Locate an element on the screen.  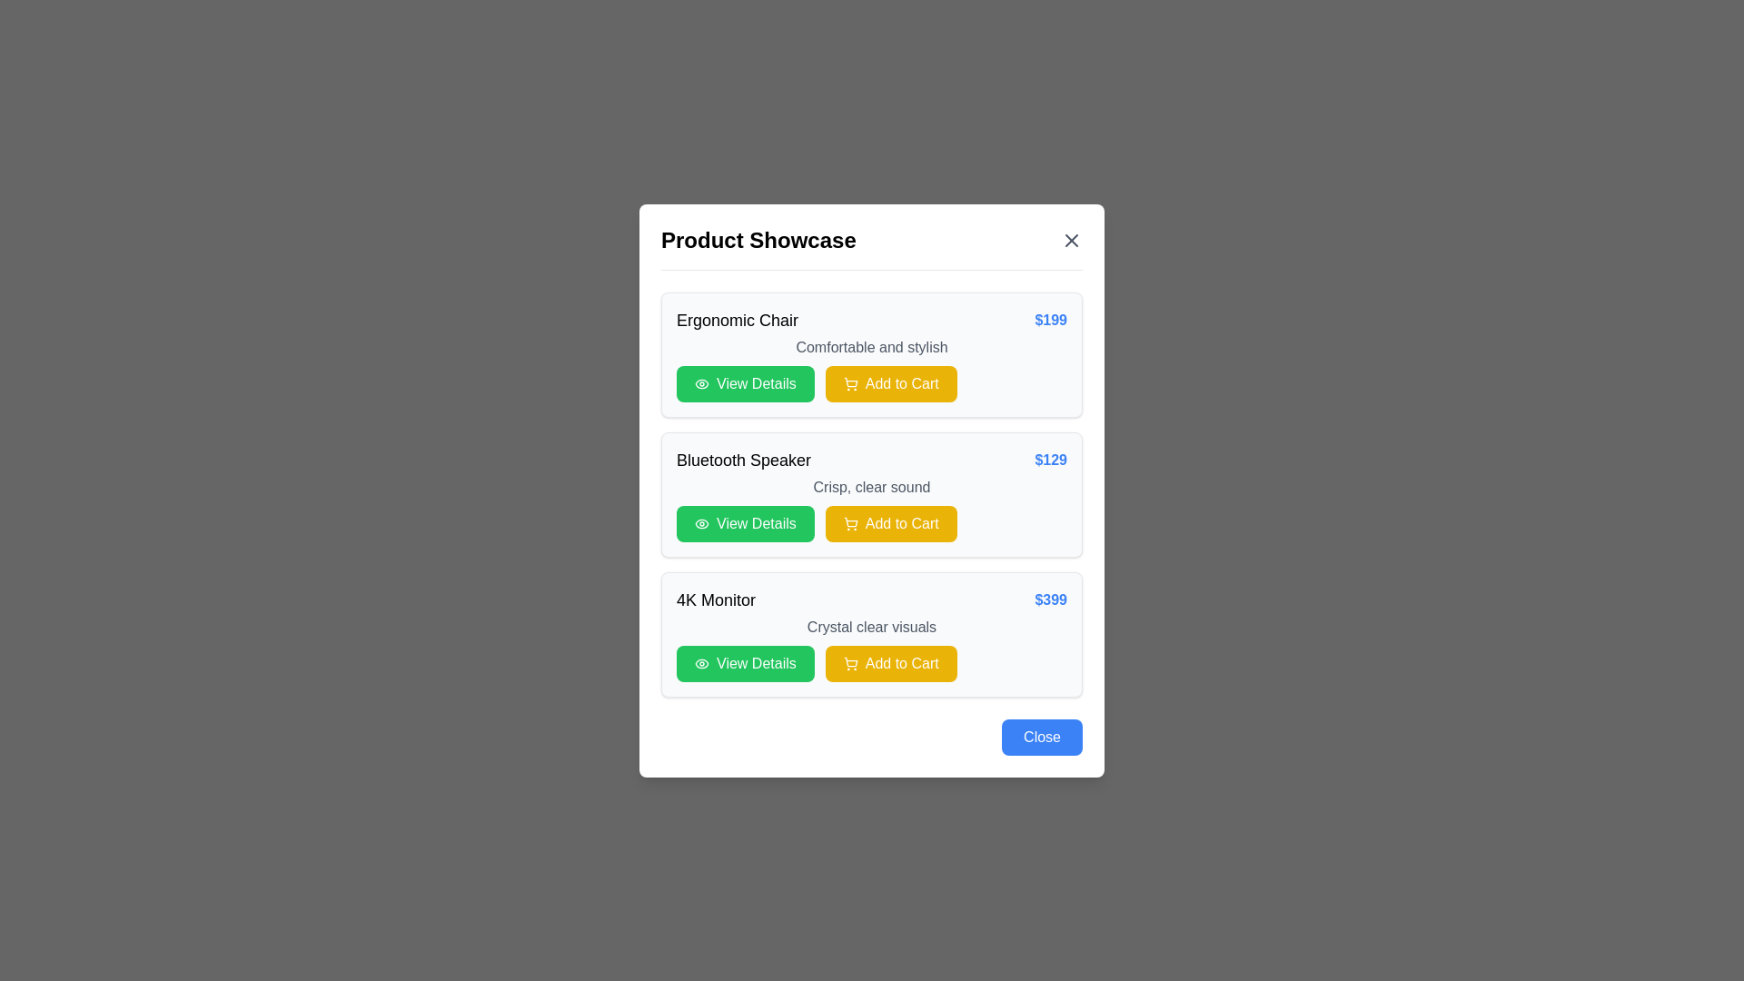
the yellow 'Add to Cart' button with white text and a cart icon, located next to the green 'View Details' button in the first product card labeled 'Ergonomic Chair' is located at coordinates (872, 382).